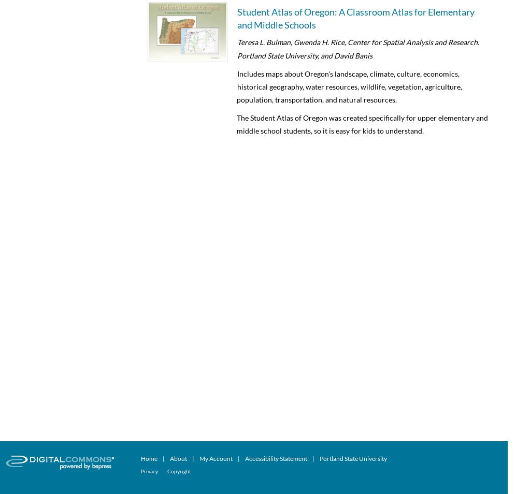 Image resolution: width=516 pixels, height=494 pixels. Describe the element at coordinates (276, 458) in the screenshot. I see `'Accessibility Statement'` at that location.